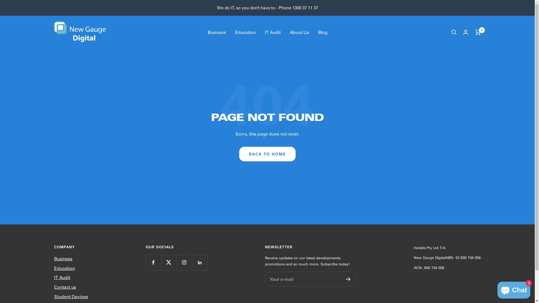 Image resolution: width=539 pixels, height=303 pixels. I want to click on 'Shopify online store chat', so click(514, 289).